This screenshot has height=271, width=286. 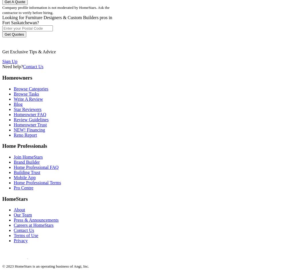 I want to click on 'Homeowners', so click(x=17, y=77).